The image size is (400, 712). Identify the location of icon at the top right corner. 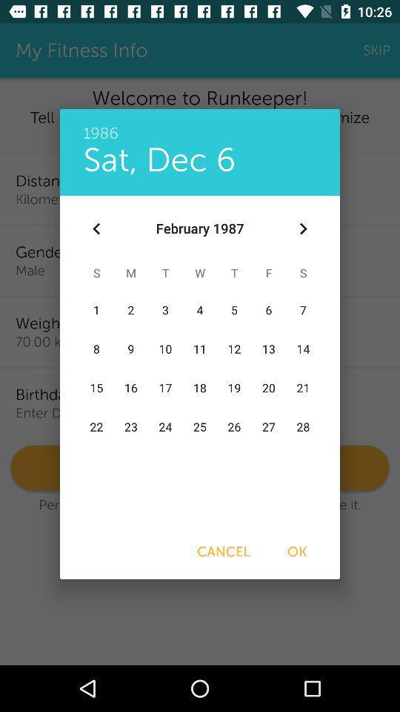
(302, 228).